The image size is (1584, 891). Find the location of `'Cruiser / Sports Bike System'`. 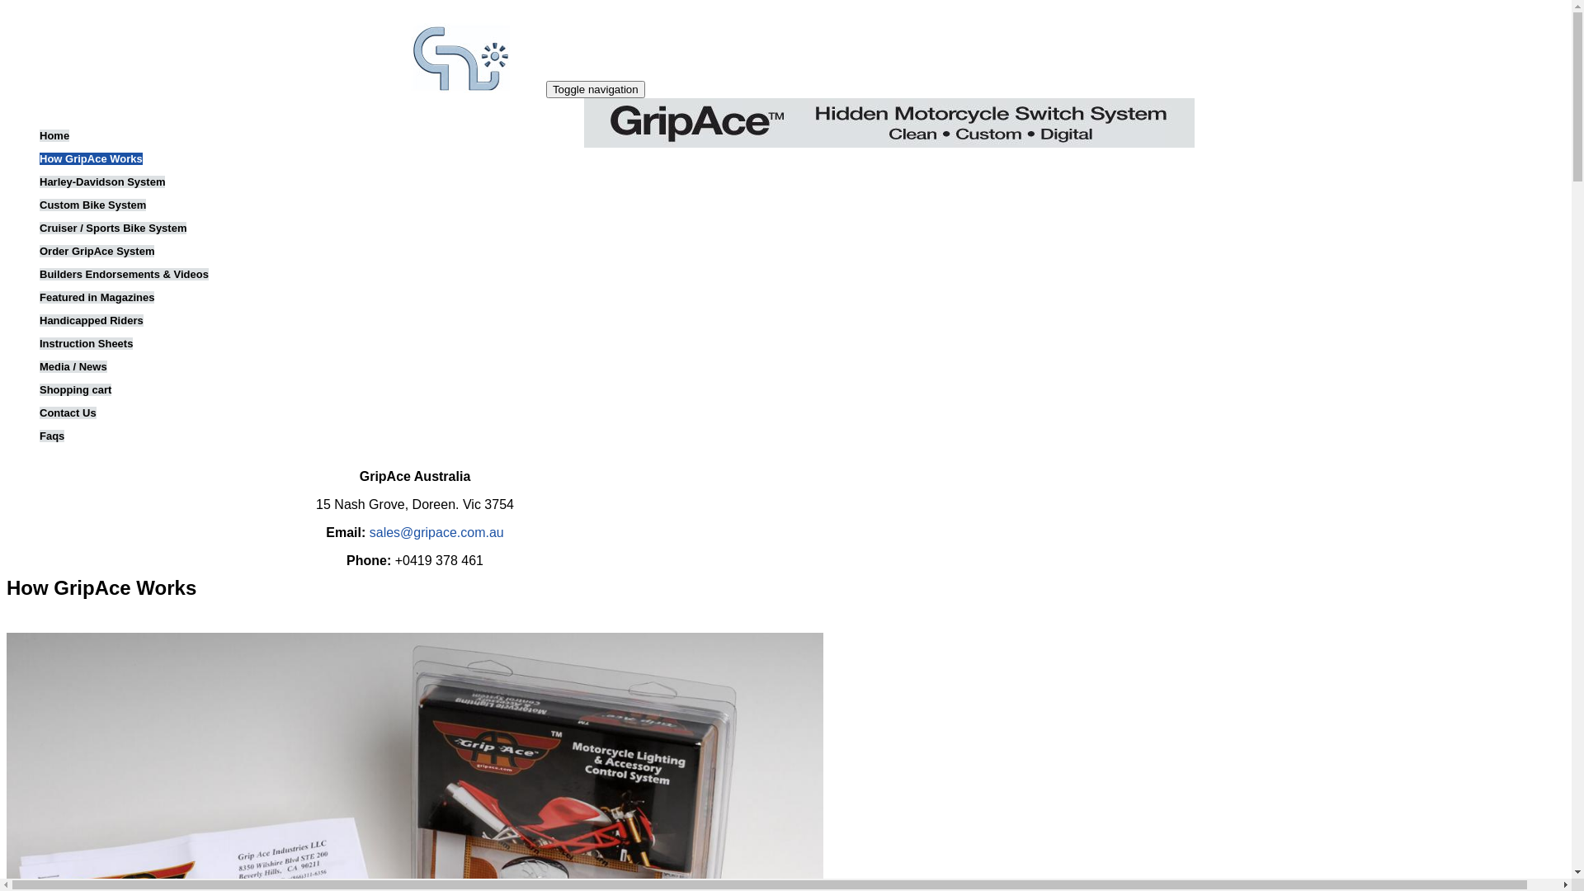

'Cruiser / Sports Bike System' is located at coordinates (40, 228).